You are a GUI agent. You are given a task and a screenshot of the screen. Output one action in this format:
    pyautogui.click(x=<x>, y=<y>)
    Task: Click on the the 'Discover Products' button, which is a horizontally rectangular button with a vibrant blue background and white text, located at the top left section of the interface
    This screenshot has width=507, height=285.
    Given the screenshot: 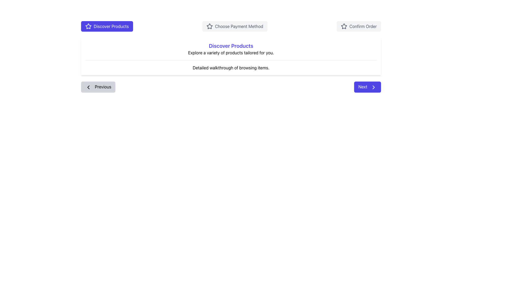 What is the action you would take?
    pyautogui.click(x=106, y=26)
    